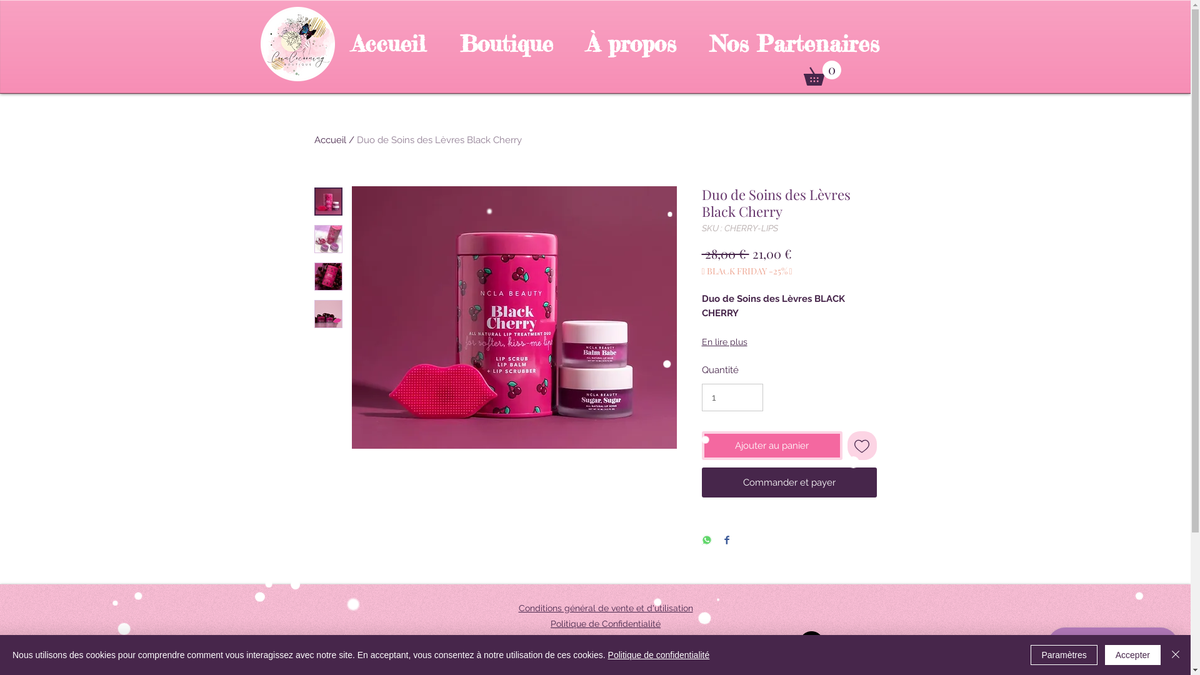  What do you see at coordinates (388, 43) in the screenshot?
I see `'Accueil'` at bounding box center [388, 43].